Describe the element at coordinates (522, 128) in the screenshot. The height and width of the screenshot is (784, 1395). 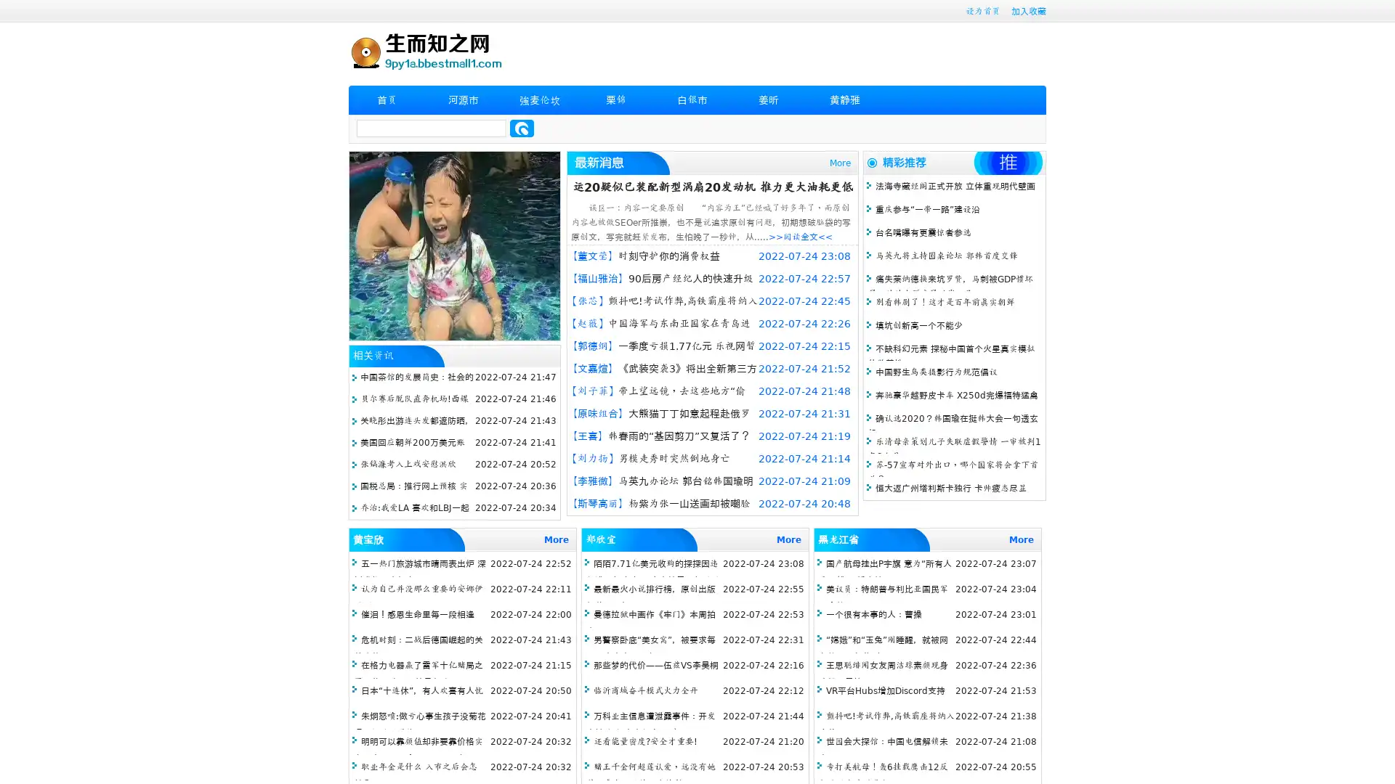
I see `Search` at that location.